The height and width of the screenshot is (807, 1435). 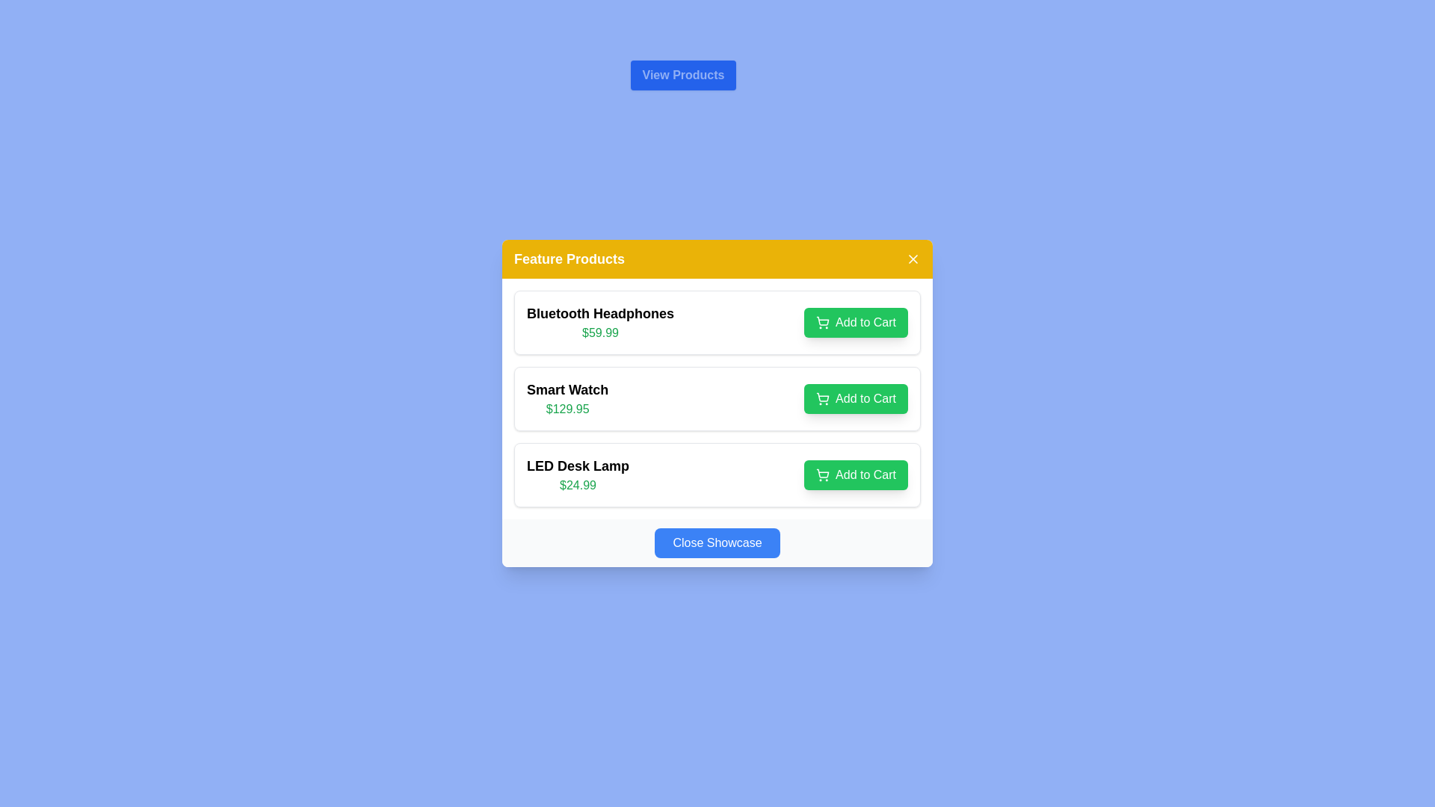 I want to click on the 'Smart Watch' text label, which is prominently displayed in bold, medium-sized black font as the product name in the 'Feature Products' list, so click(x=567, y=389).